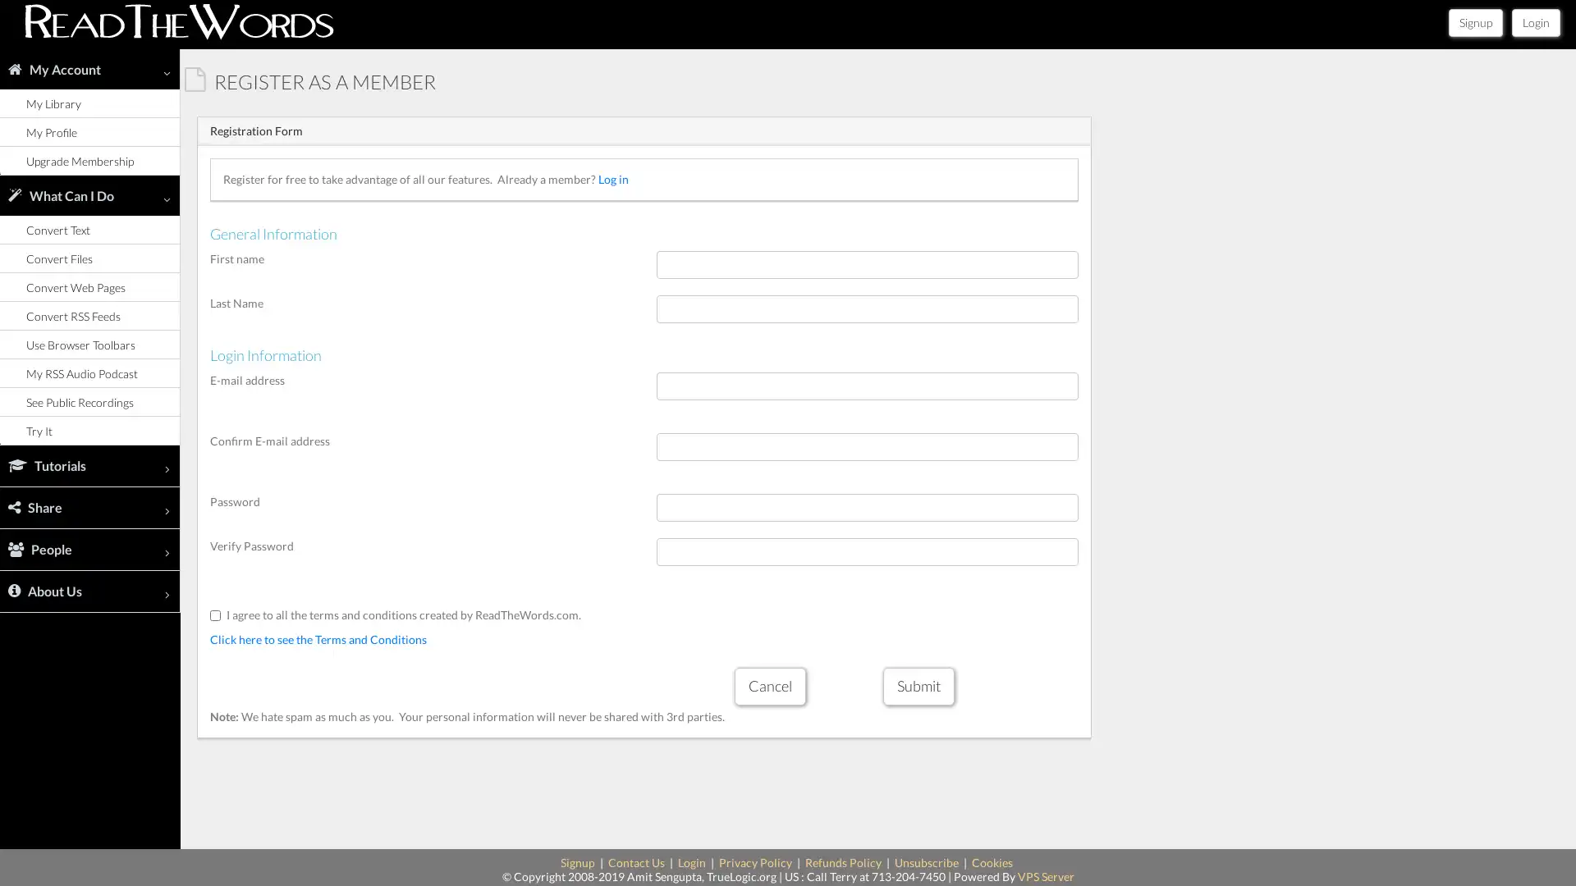 The height and width of the screenshot is (886, 1576). I want to click on Login, so click(1535, 22).